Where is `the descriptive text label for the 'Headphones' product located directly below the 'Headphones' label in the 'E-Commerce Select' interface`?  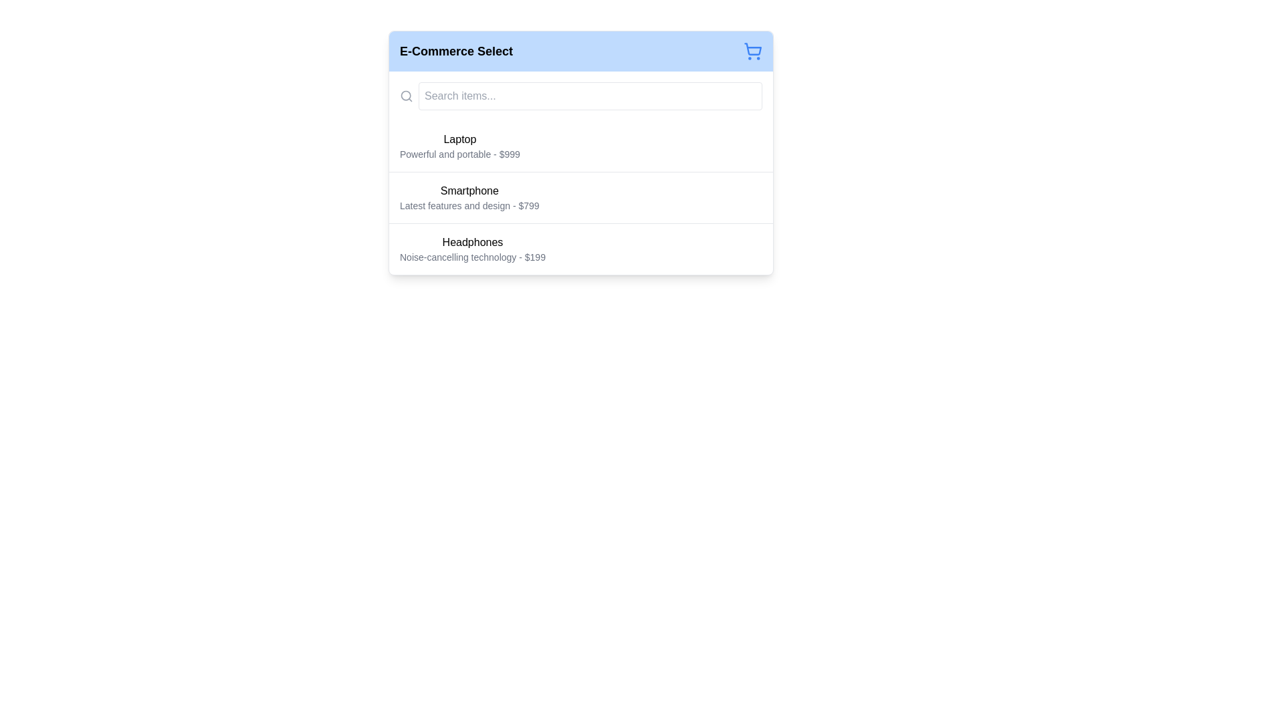
the descriptive text label for the 'Headphones' product located directly below the 'Headphones' label in the 'E-Commerce Select' interface is located at coordinates (472, 257).